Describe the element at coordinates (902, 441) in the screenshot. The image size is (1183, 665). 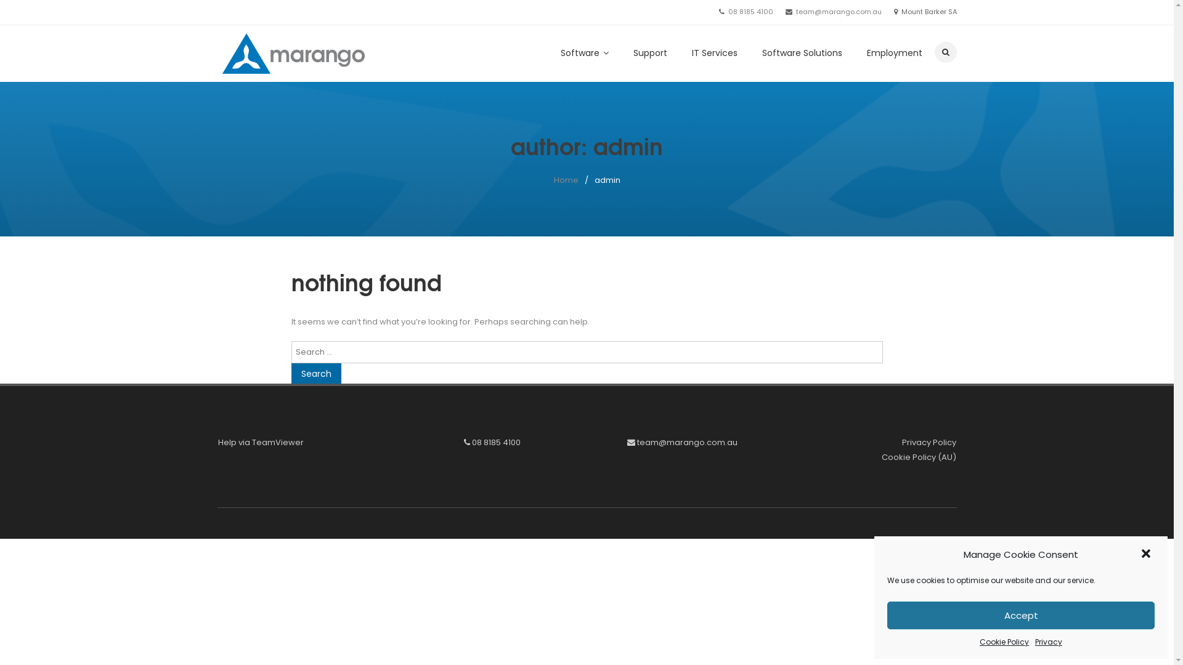
I see `'Privacy Policy'` at that location.